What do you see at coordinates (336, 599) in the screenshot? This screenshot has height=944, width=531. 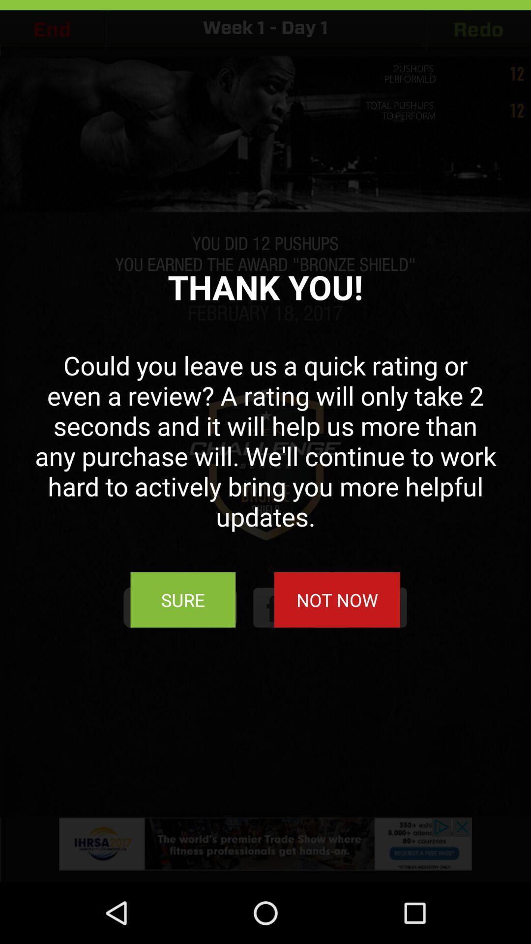 I see `the not now` at bounding box center [336, 599].